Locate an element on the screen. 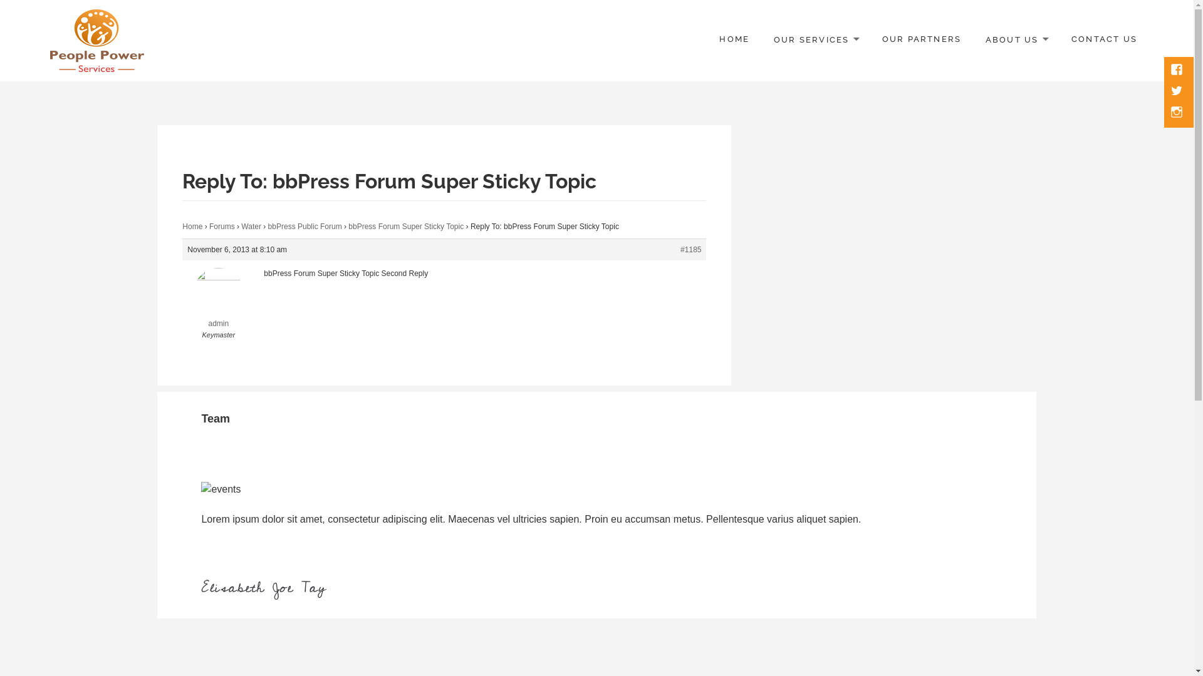 Image resolution: width=1203 pixels, height=676 pixels. '#1185' is located at coordinates (679, 249).